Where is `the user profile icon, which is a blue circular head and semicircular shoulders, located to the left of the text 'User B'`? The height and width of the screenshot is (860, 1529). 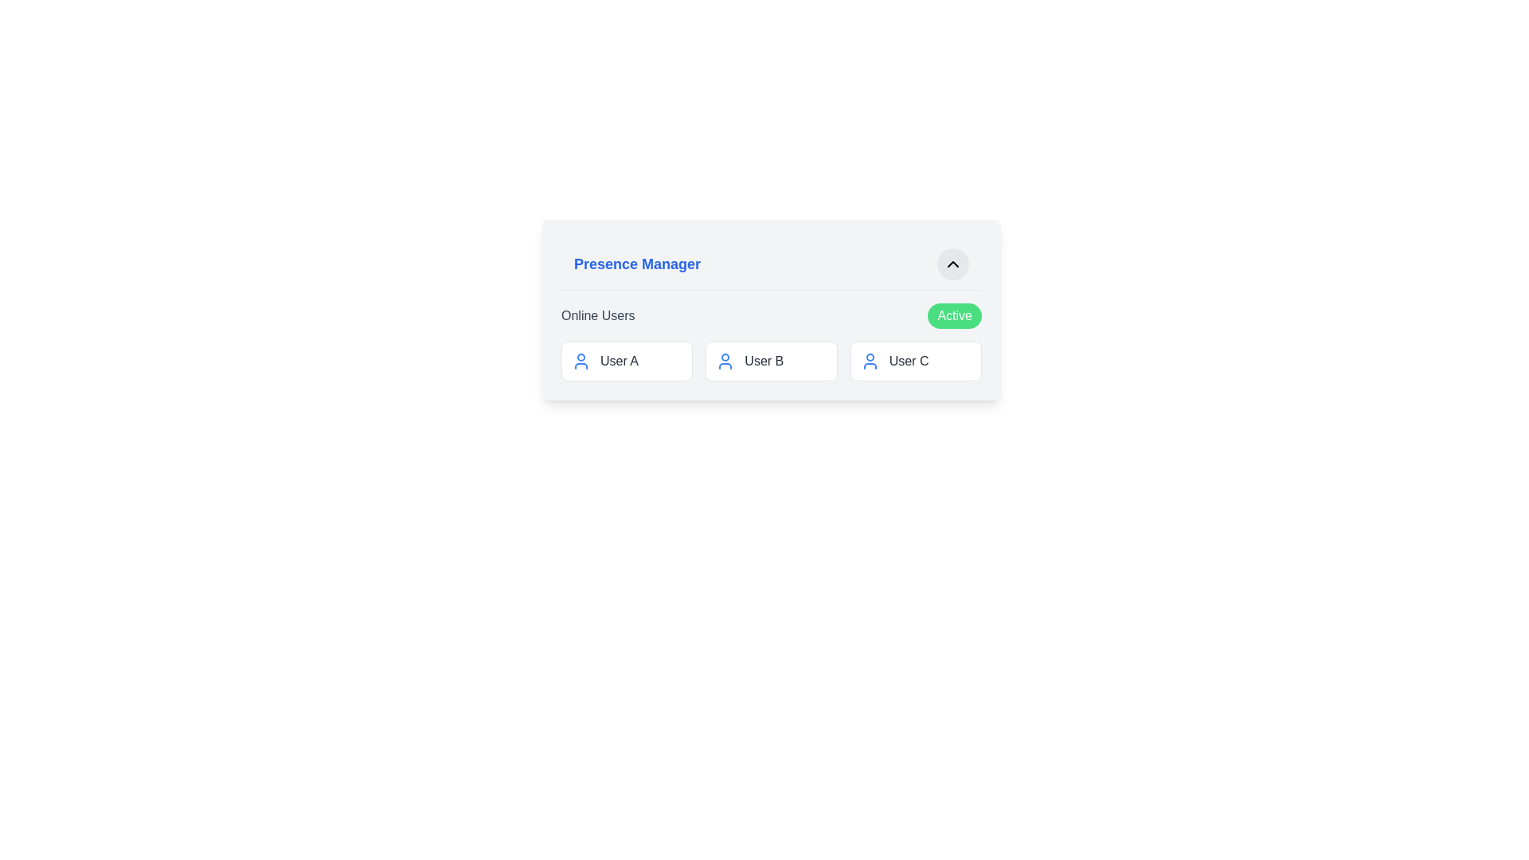
the user profile icon, which is a blue circular head and semicircular shoulders, located to the left of the text 'User B' is located at coordinates (725, 362).